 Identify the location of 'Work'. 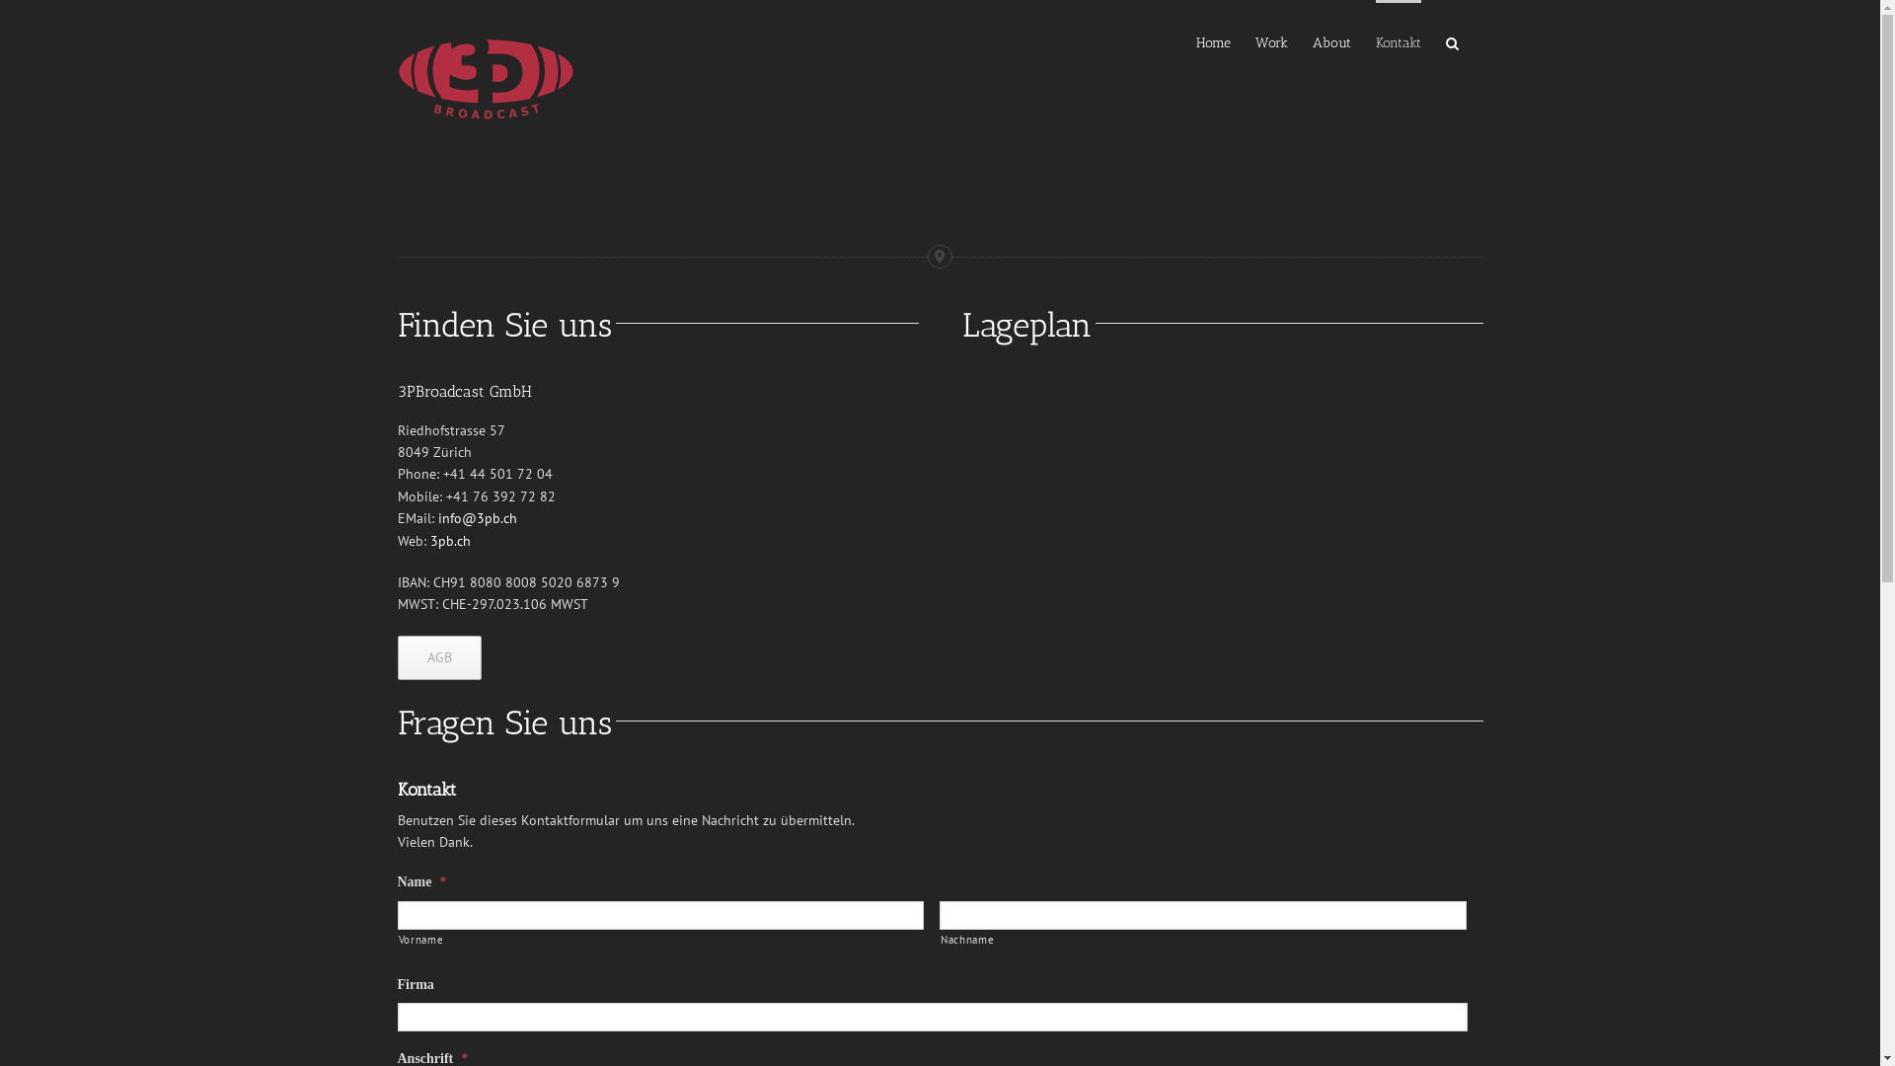
(1254, 41).